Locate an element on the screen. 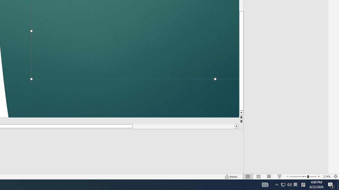  'Line down' is located at coordinates (241, 112).